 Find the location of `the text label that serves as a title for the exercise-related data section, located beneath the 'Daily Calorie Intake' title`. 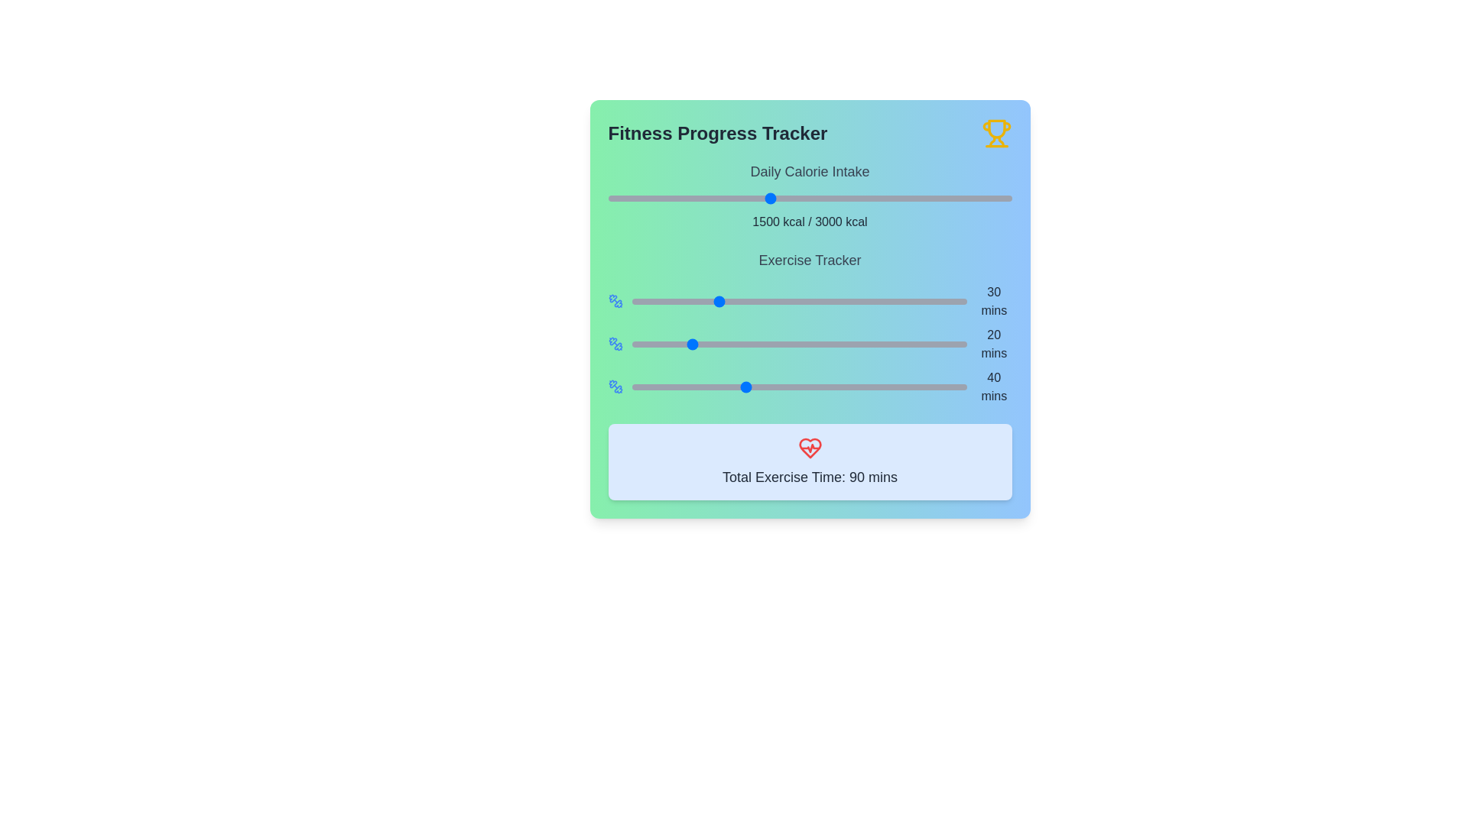

the text label that serves as a title for the exercise-related data section, located beneath the 'Daily Calorie Intake' title is located at coordinates (809, 259).